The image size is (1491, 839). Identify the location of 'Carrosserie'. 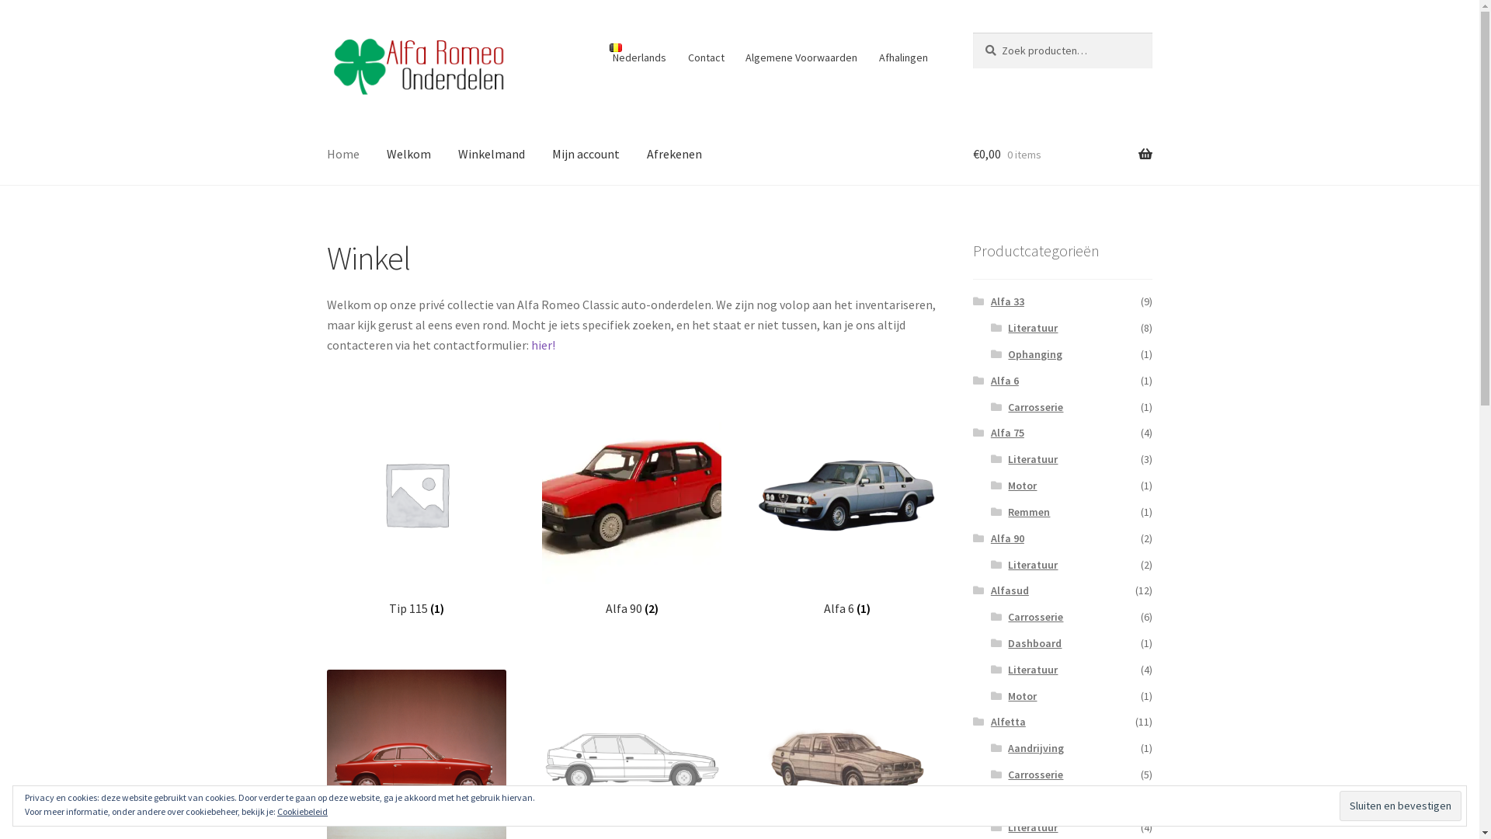
(1007, 616).